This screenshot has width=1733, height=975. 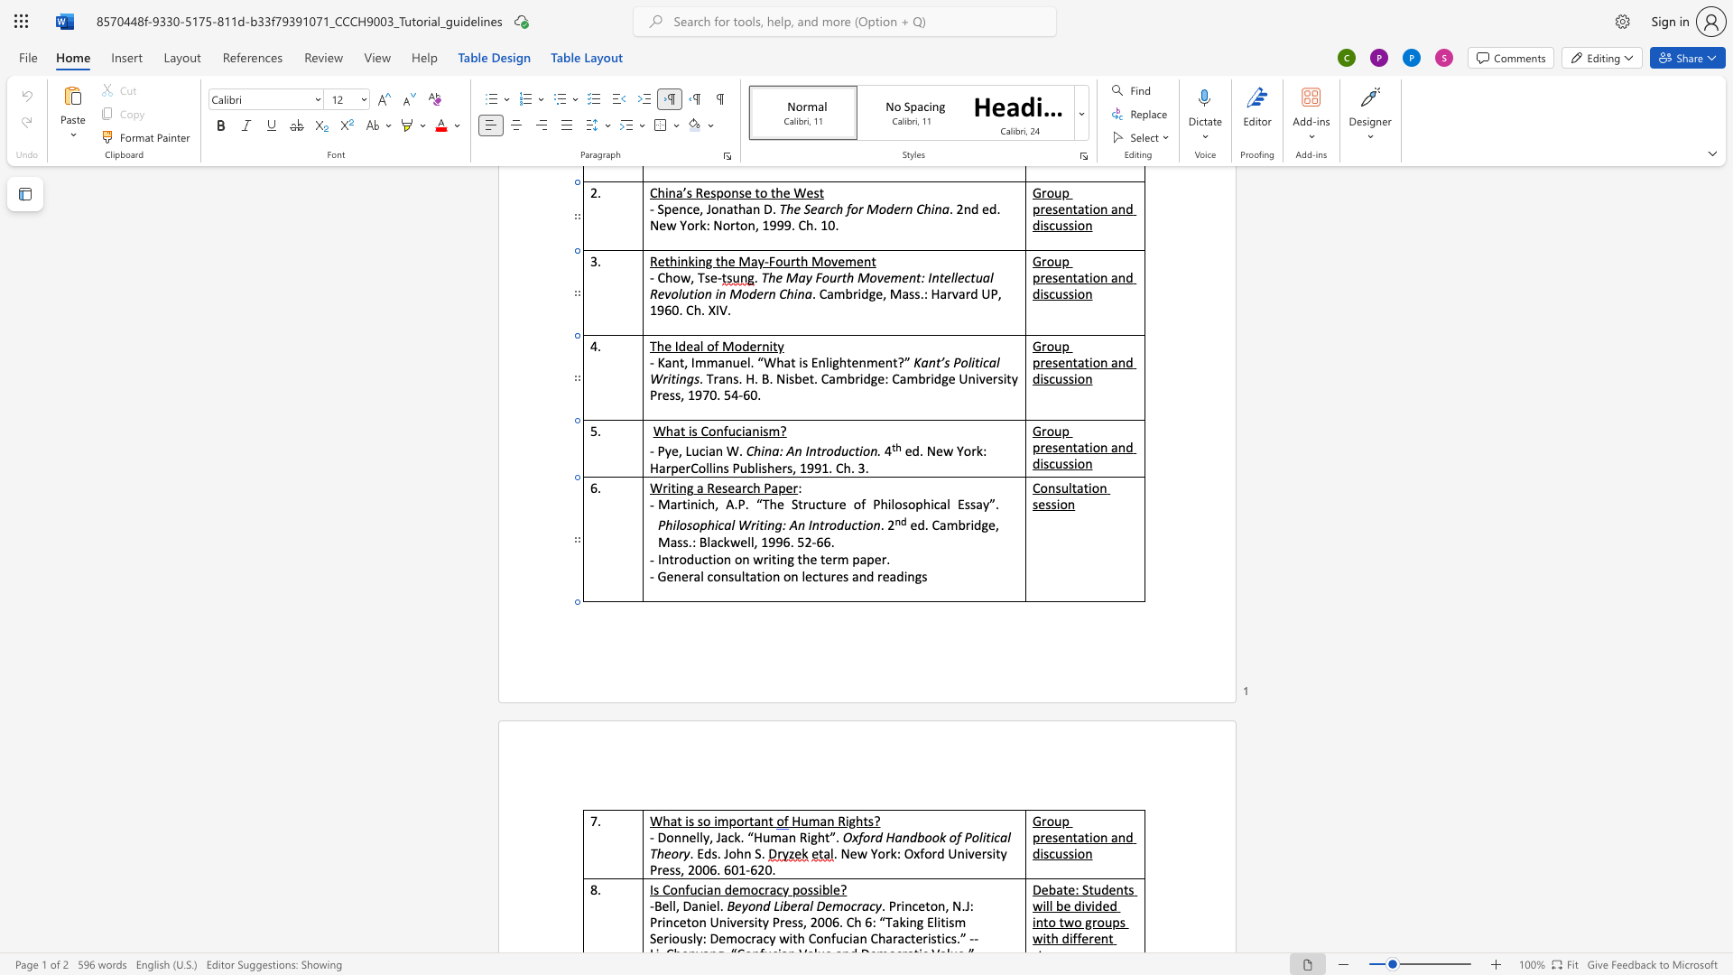 I want to click on the space between the continuous character "a" and "n" in the text, so click(x=761, y=821).